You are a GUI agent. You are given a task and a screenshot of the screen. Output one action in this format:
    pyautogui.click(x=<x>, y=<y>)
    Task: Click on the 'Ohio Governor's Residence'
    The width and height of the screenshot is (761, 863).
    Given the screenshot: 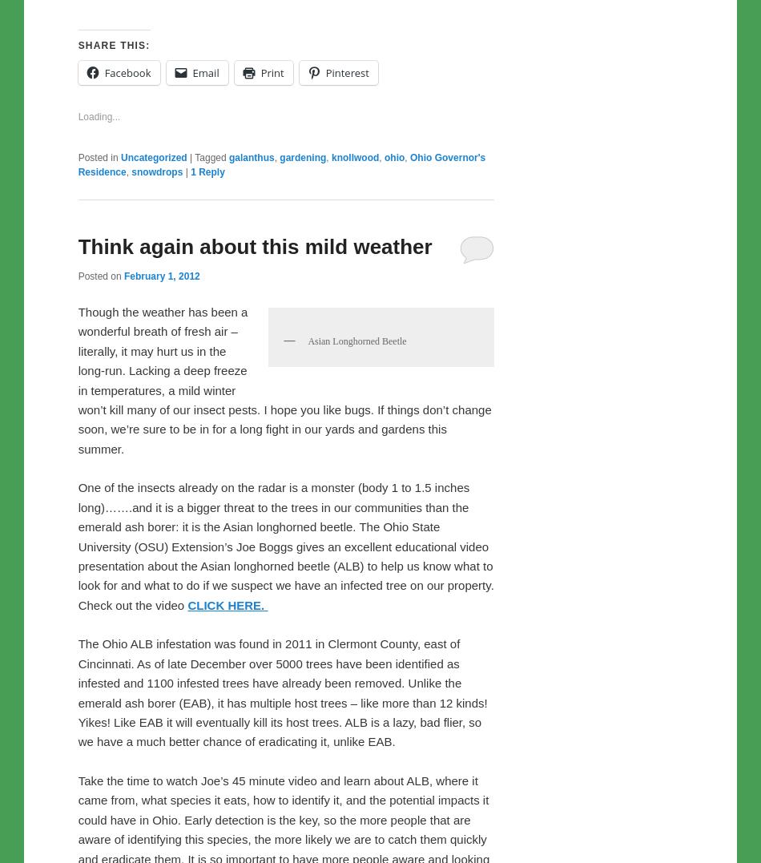 What is the action you would take?
    pyautogui.click(x=280, y=199)
    